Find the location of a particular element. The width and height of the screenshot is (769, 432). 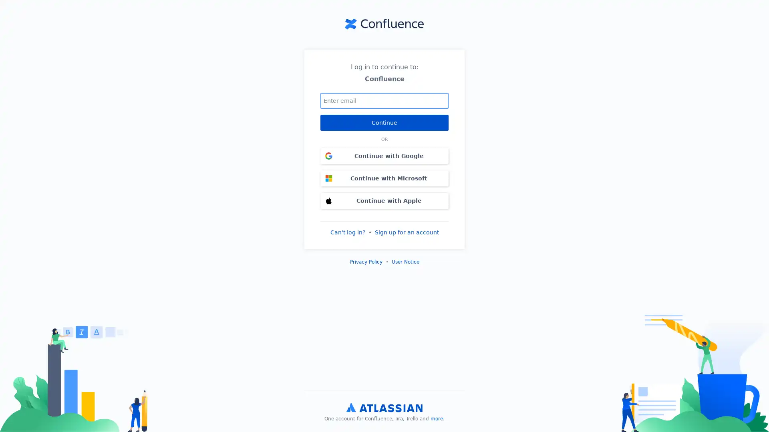

Continue is located at coordinates (384, 122).